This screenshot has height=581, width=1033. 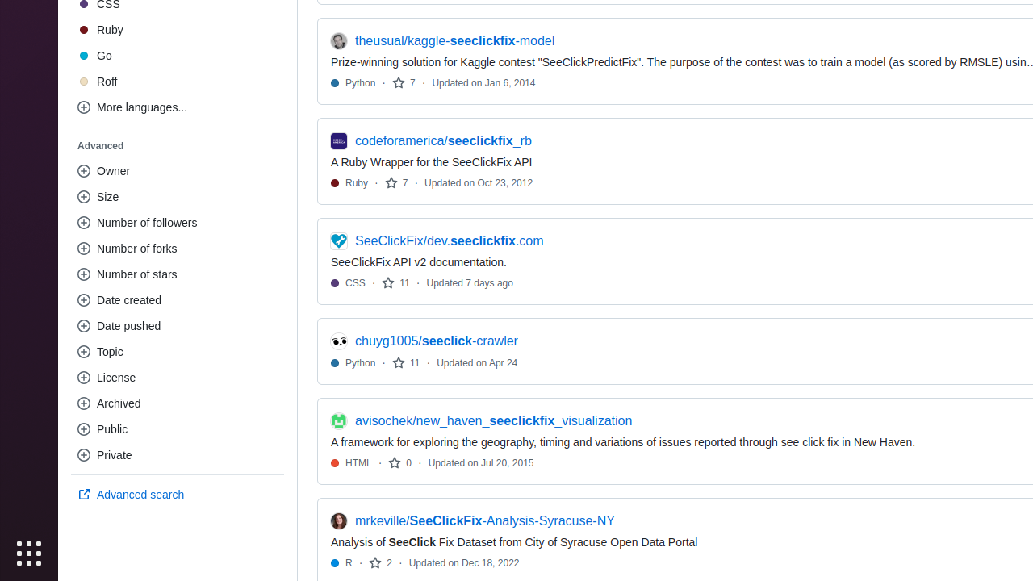 I want to click on '‎Number of followers‎', so click(x=178, y=222).